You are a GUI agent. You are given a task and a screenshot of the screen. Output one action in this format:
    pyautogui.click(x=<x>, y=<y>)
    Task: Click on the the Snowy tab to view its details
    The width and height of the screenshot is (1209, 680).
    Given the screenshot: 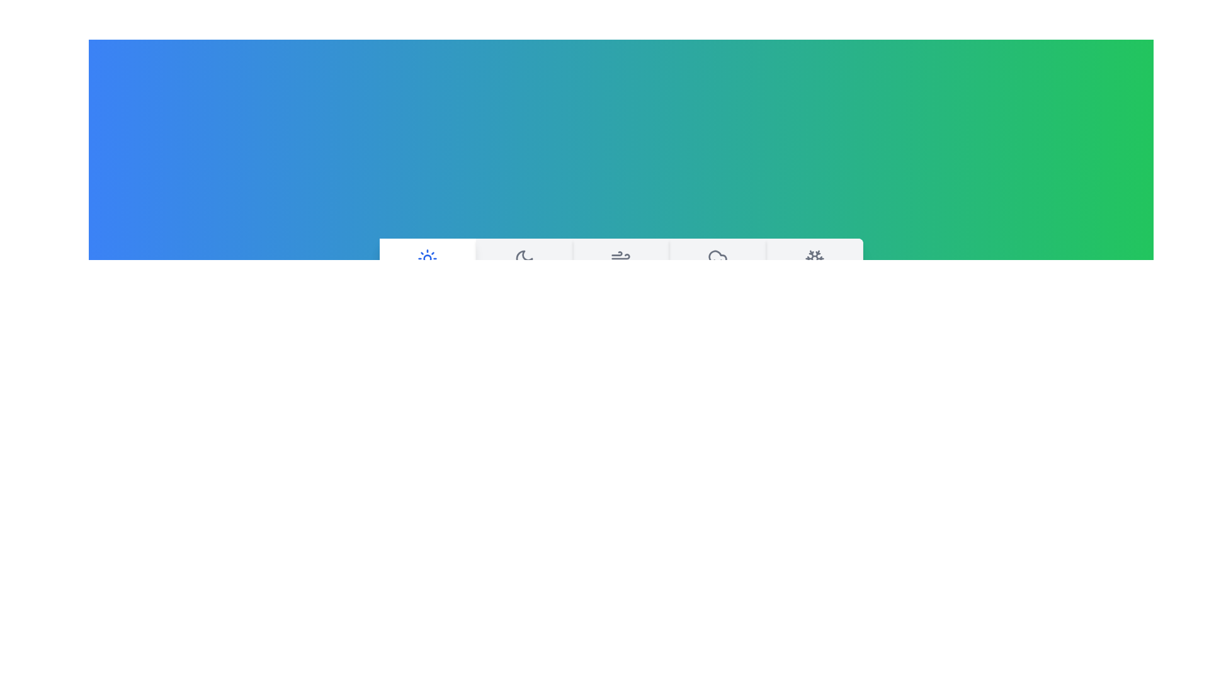 What is the action you would take?
    pyautogui.click(x=815, y=271)
    